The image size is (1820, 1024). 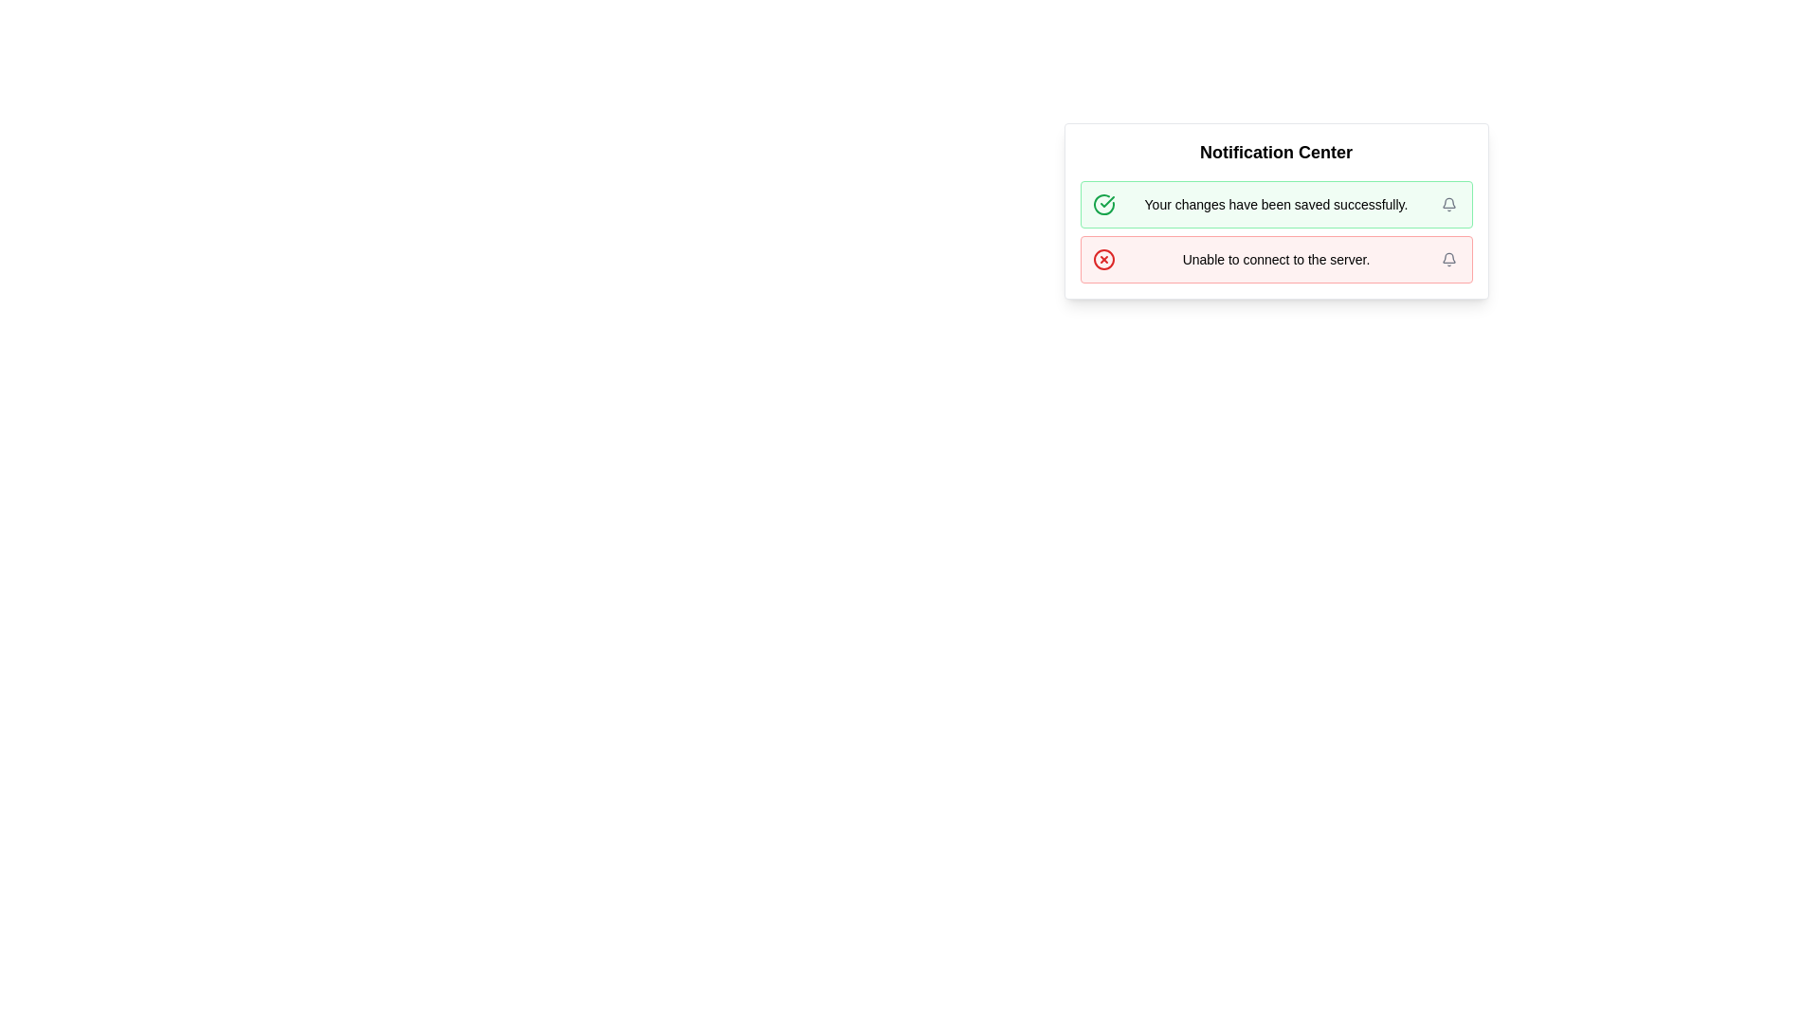 What do you see at coordinates (1106, 201) in the screenshot?
I see `the green checkmark icon that represents a completed action, located to the left of the notification message indicating successful changes` at bounding box center [1106, 201].